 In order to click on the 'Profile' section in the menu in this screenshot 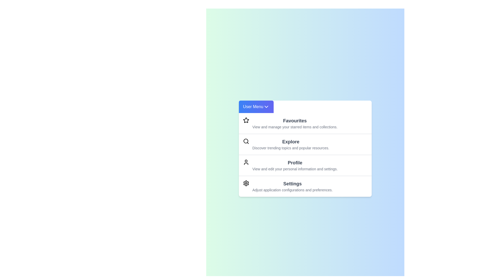, I will do `click(295, 165)`.